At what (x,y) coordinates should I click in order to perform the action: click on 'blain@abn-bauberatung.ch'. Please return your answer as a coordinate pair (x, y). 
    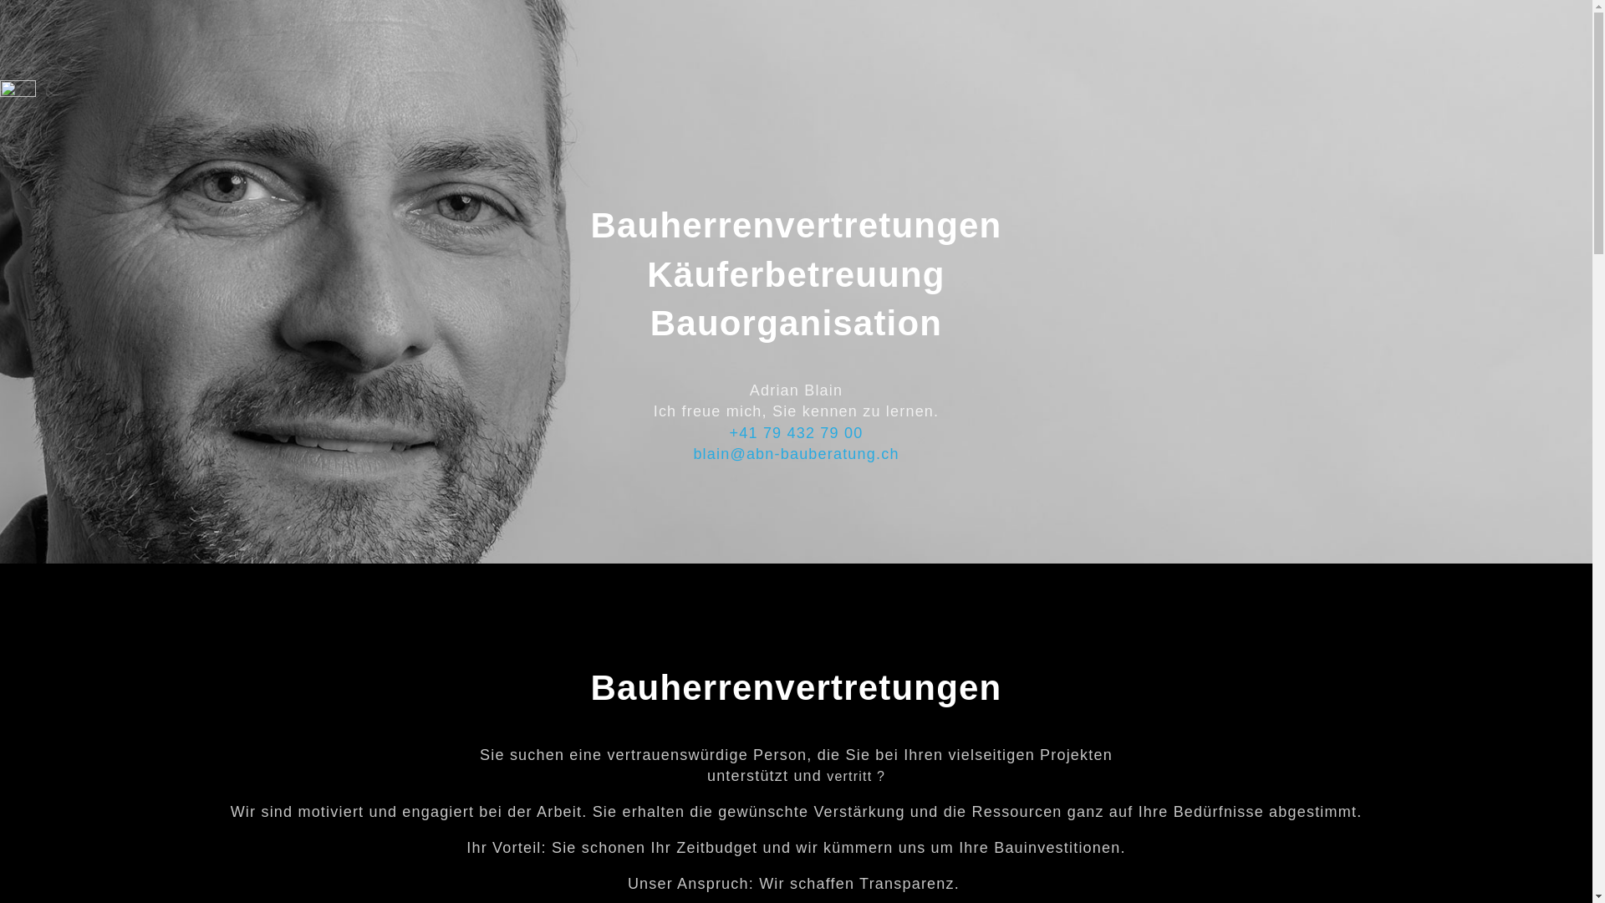
    Looking at the image, I should click on (794, 454).